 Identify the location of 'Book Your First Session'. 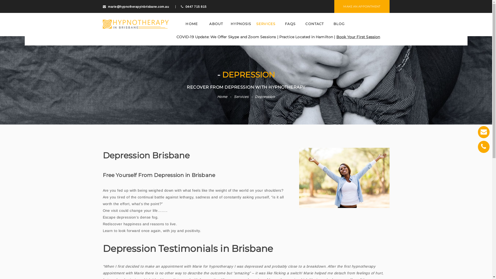
(358, 36).